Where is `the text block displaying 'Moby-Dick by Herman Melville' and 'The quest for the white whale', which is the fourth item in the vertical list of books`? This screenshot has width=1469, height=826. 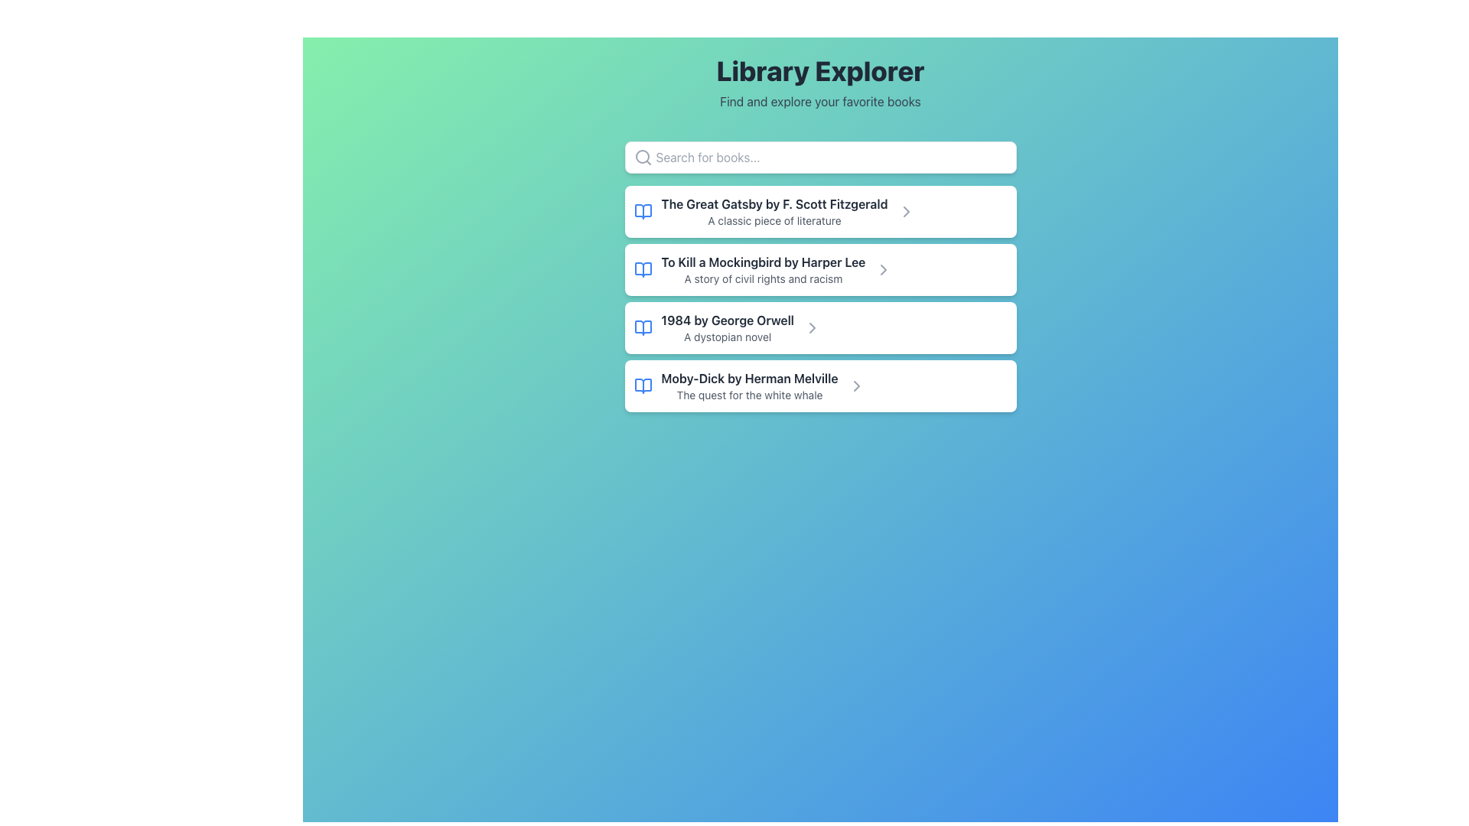 the text block displaying 'Moby-Dick by Herman Melville' and 'The quest for the white whale', which is the fourth item in the vertical list of books is located at coordinates (749, 385).